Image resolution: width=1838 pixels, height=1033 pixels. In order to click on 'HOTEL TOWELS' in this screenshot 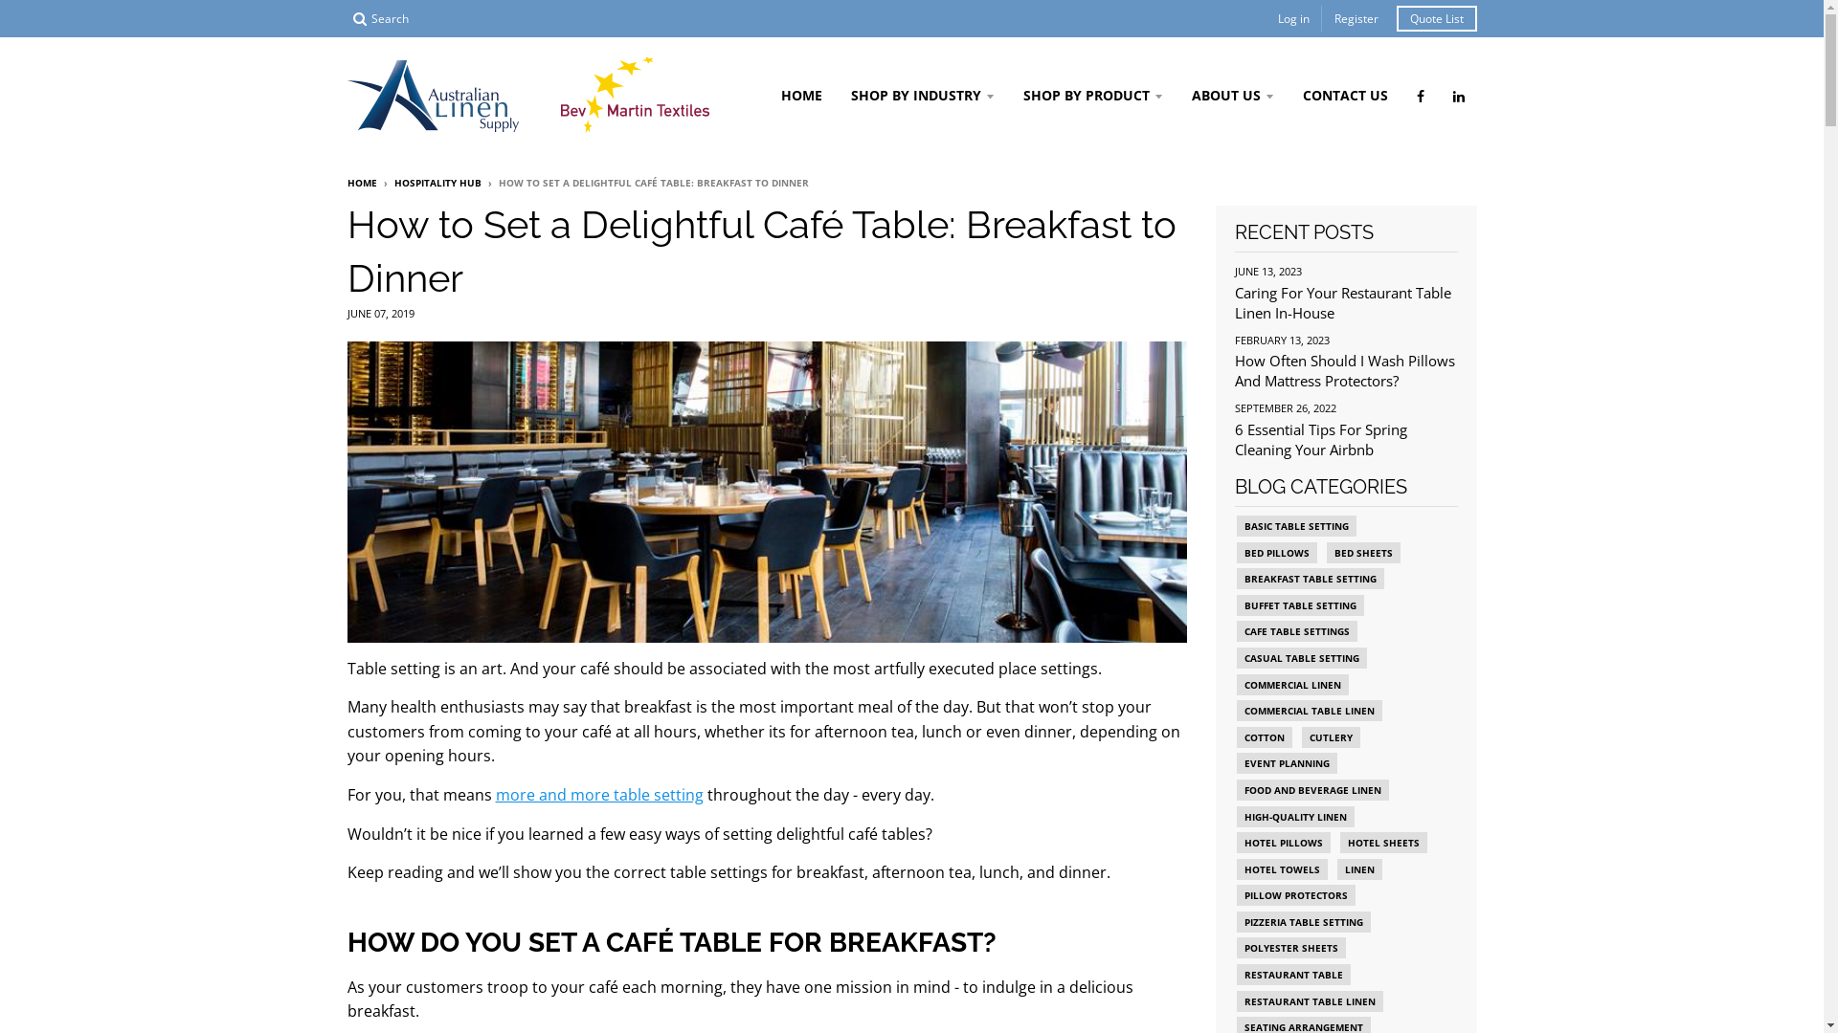, I will do `click(1282, 869)`.